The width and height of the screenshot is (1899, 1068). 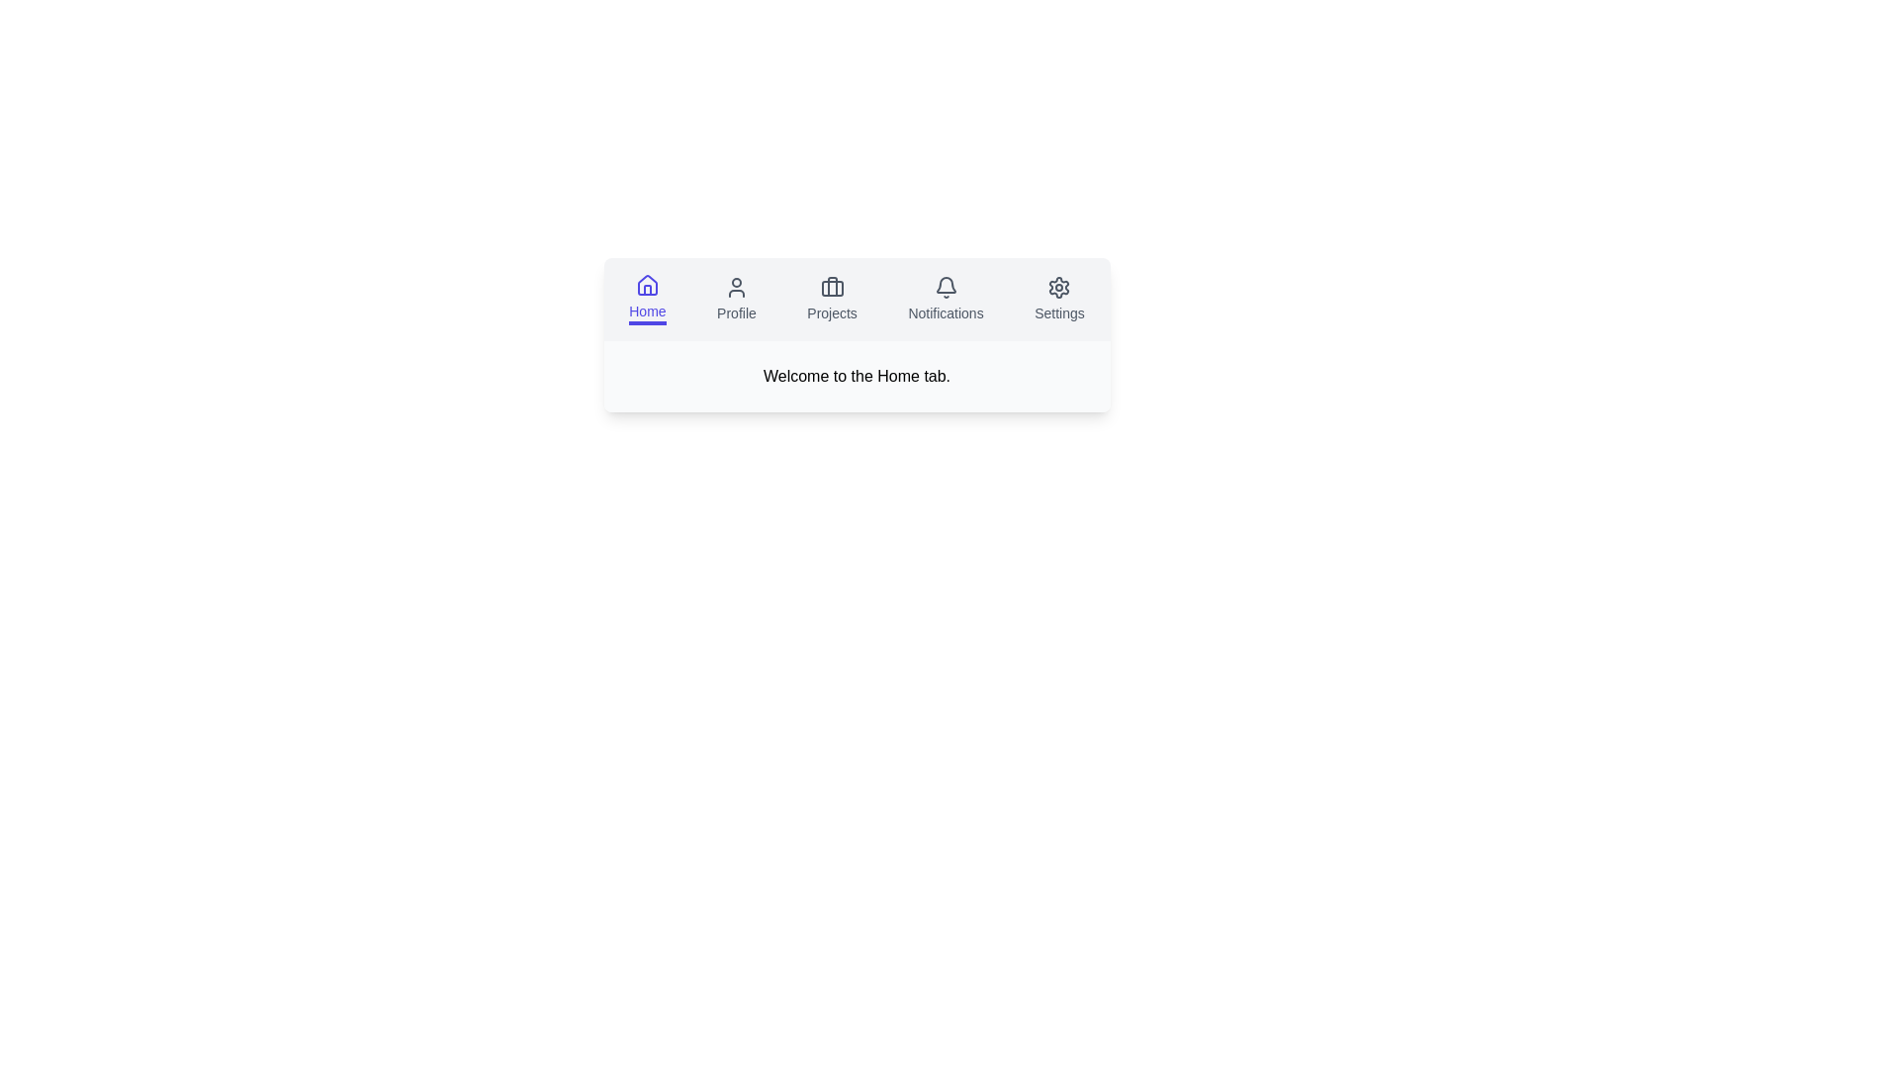 What do you see at coordinates (647, 300) in the screenshot?
I see `the blue-tinted home icon with the text 'Home' and an active blue underline` at bounding box center [647, 300].